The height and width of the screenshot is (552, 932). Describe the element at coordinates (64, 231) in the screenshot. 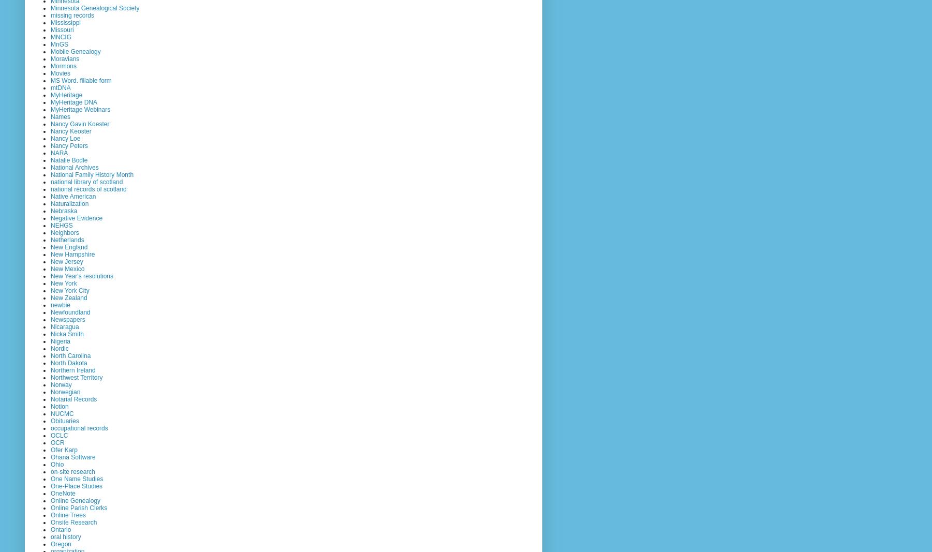

I see `'Neighbors'` at that location.